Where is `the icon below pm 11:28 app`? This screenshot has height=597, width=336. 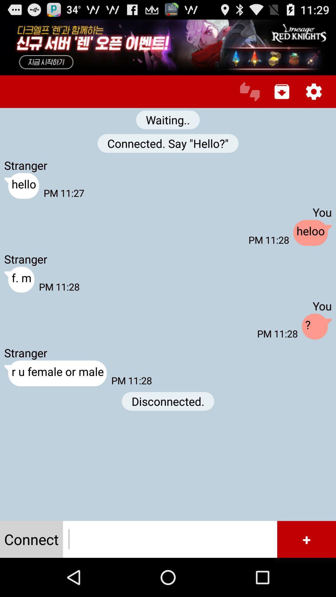 the icon below pm 11:28 app is located at coordinates (168, 401).